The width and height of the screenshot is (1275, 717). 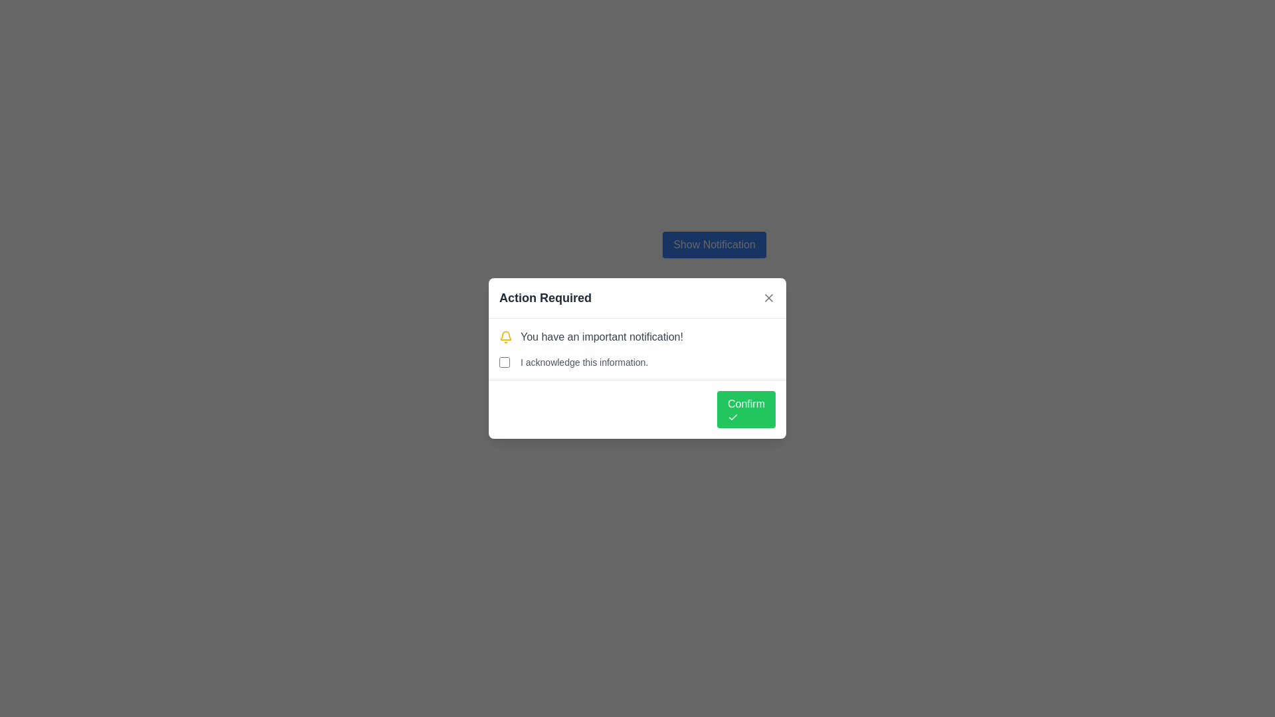 What do you see at coordinates (505, 337) in the screenshot?
I see `the bell icon which represents a notification, located on the left side of the notification prompt that states, 'You have an important notification!'` at bounding box center [505, 337].